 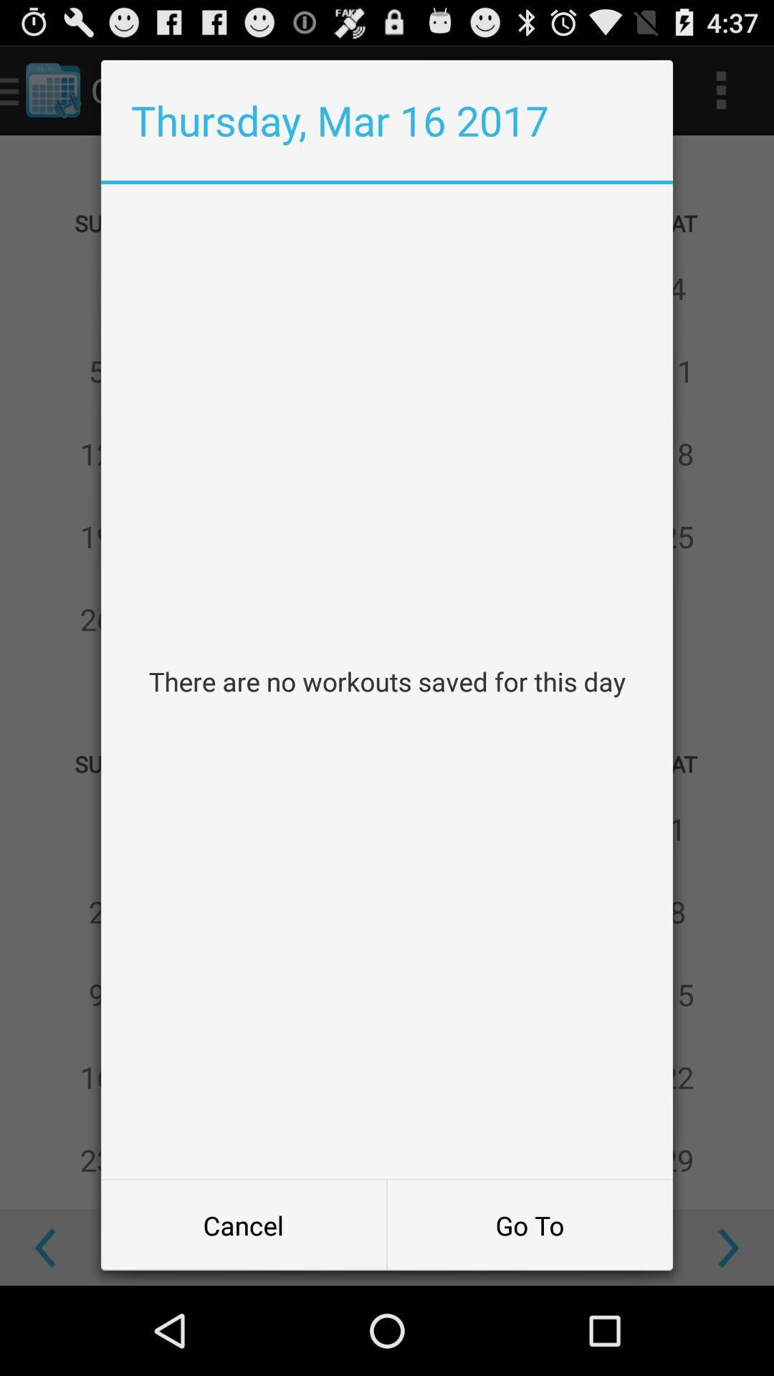 What do you see at coordinates (530, 1224) in the screenshot?
I see `button next to the cancel` at bounding box center [530, 1224].